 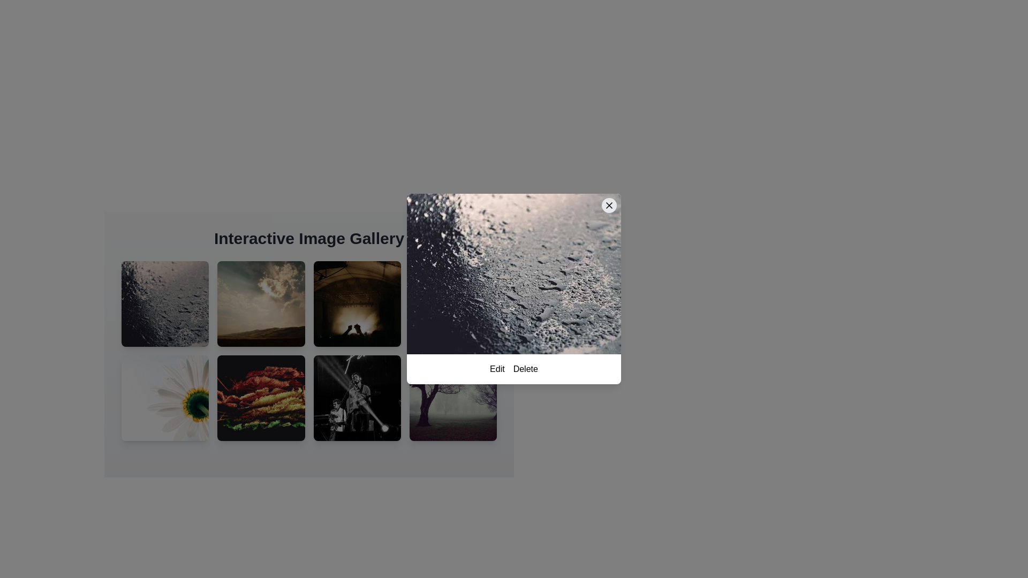 What do you see at coordinates (164, 398) in the screenshot?
I see `the selectable image tile located in the leftmost column and the second row of the image gallery` at bounding box center [164, 398].